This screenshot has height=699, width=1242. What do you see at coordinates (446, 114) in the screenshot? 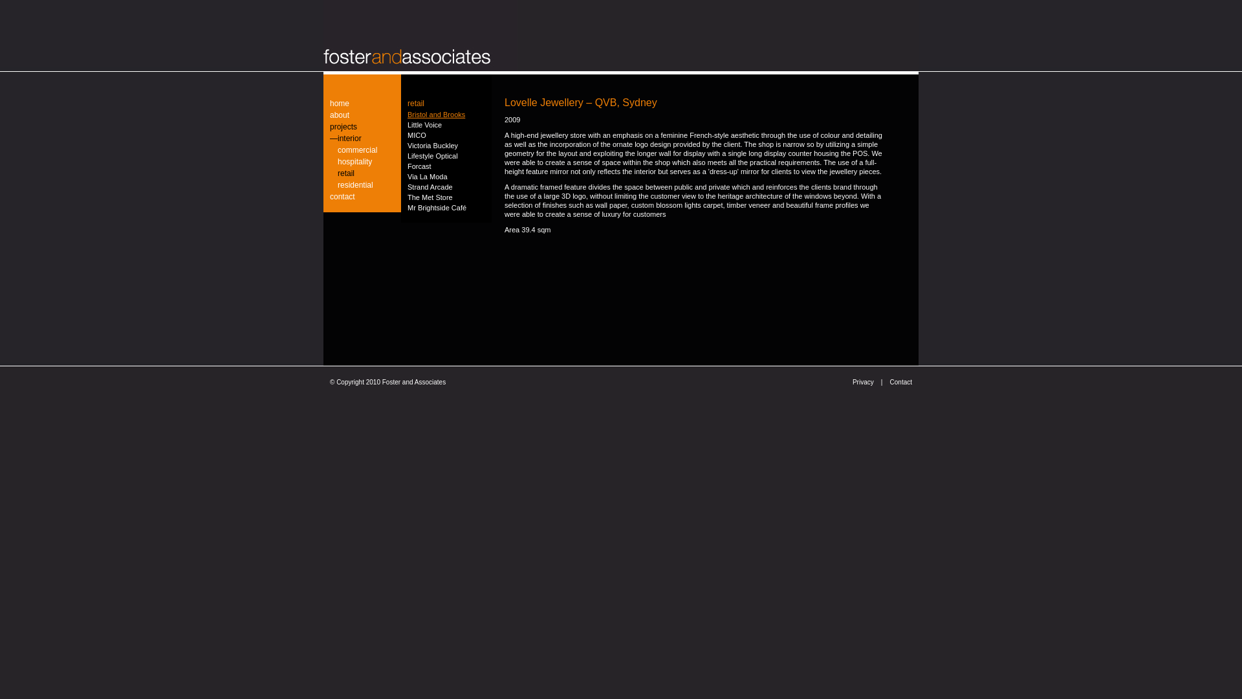
I see `'Bristol and Brooks'` at bounding box center [446, 114].